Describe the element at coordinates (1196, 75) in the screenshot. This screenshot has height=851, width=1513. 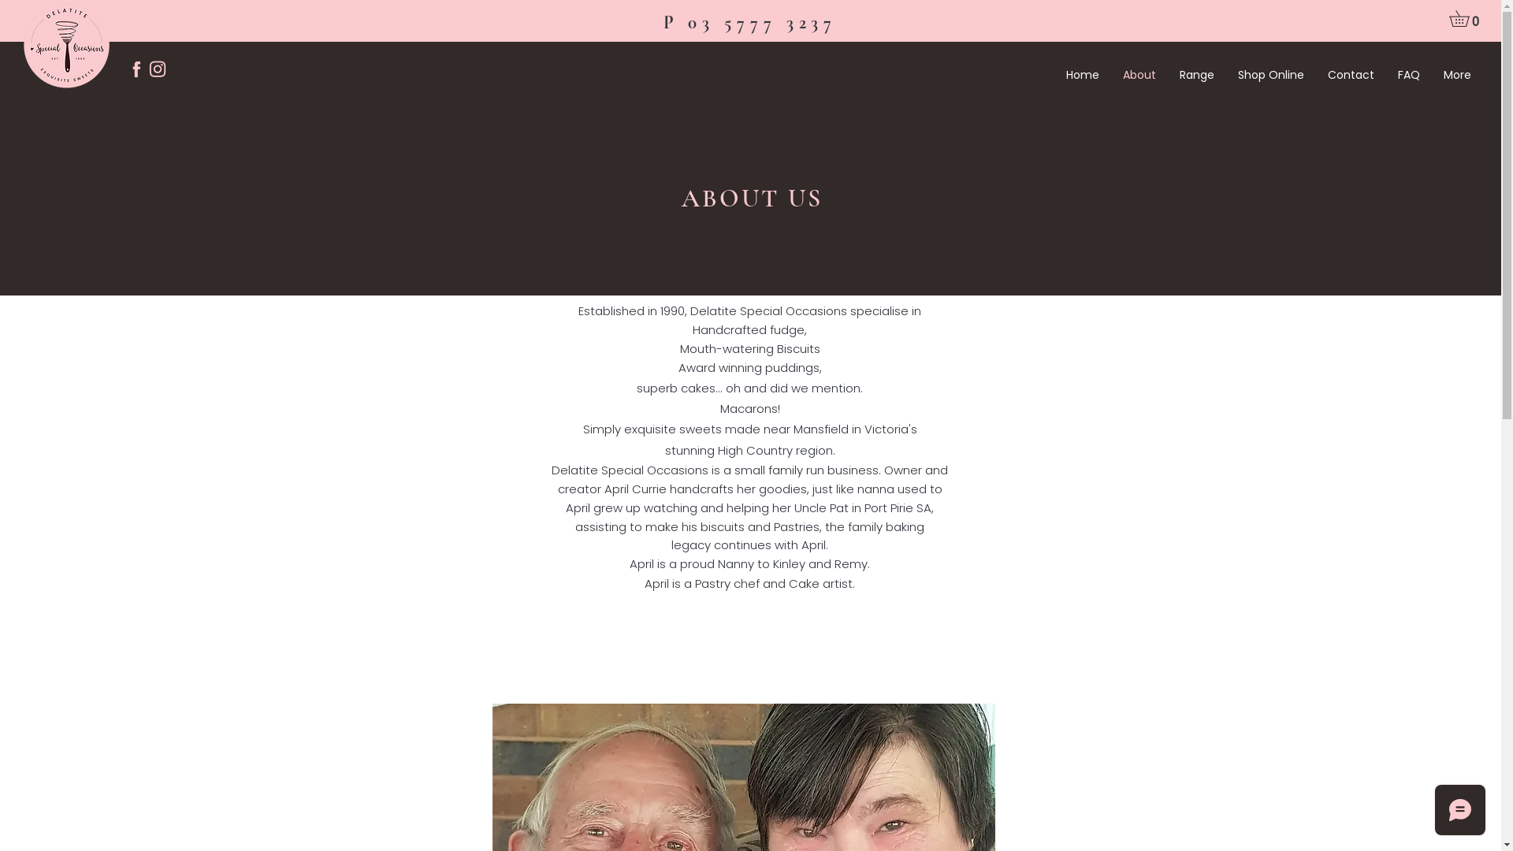
I see `'Range'` at that location.